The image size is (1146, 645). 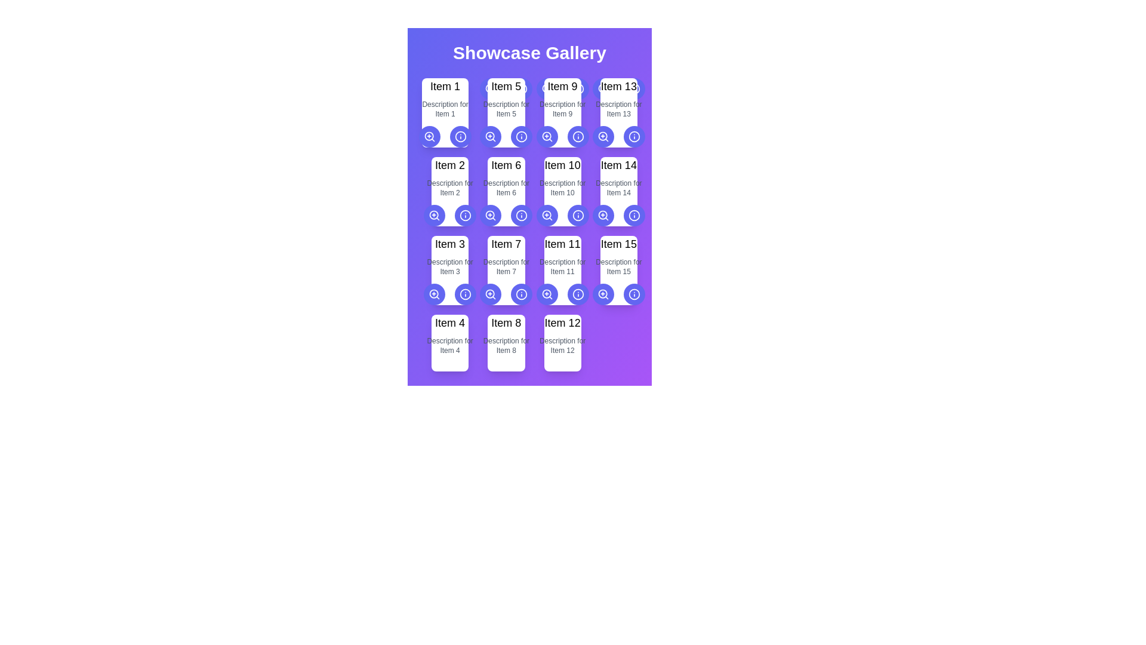 I want to click on the circular interactive button styled in blue, located in the grid item labeled 'Item 9', which is positioned in the fourth column of the first row, so click(x=578, y=136).